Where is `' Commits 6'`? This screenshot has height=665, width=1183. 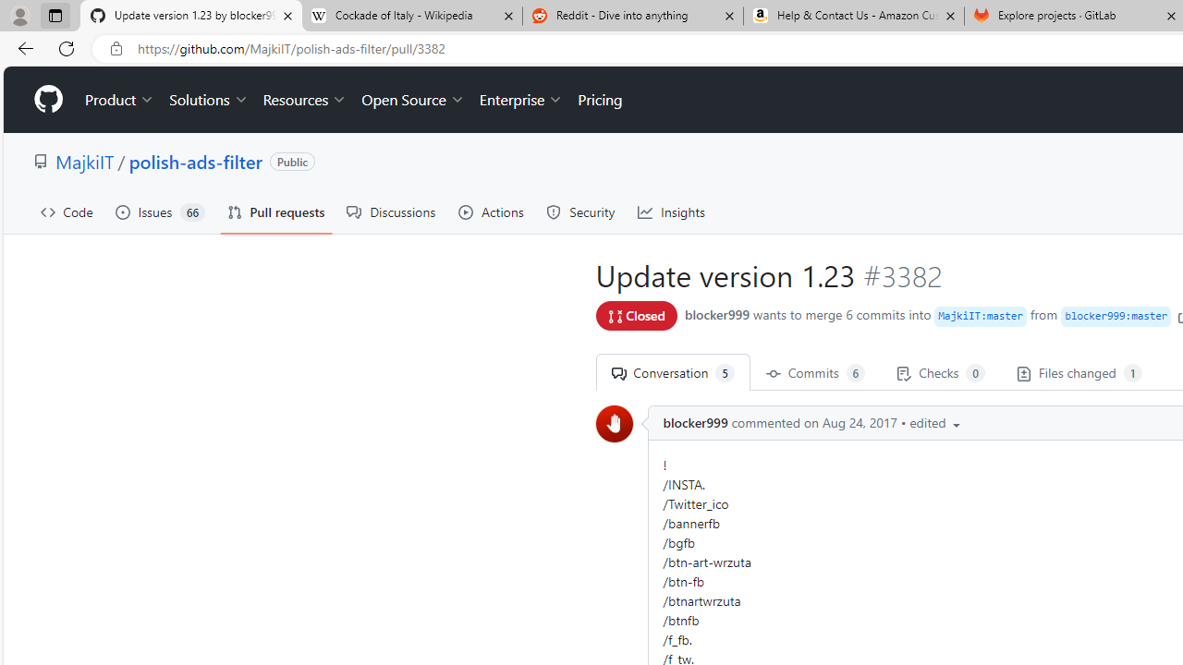 ' Commits 6' is located at coordinates (814, 372).